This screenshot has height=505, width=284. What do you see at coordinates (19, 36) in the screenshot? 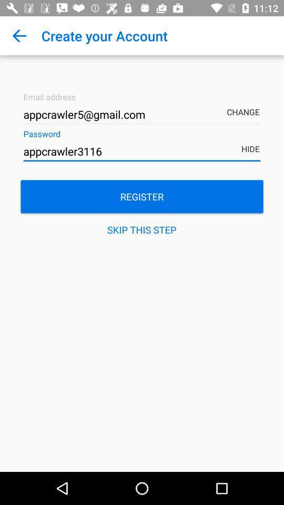
I see `the item to the left of create your account icon` at bounding box center [19, 36].